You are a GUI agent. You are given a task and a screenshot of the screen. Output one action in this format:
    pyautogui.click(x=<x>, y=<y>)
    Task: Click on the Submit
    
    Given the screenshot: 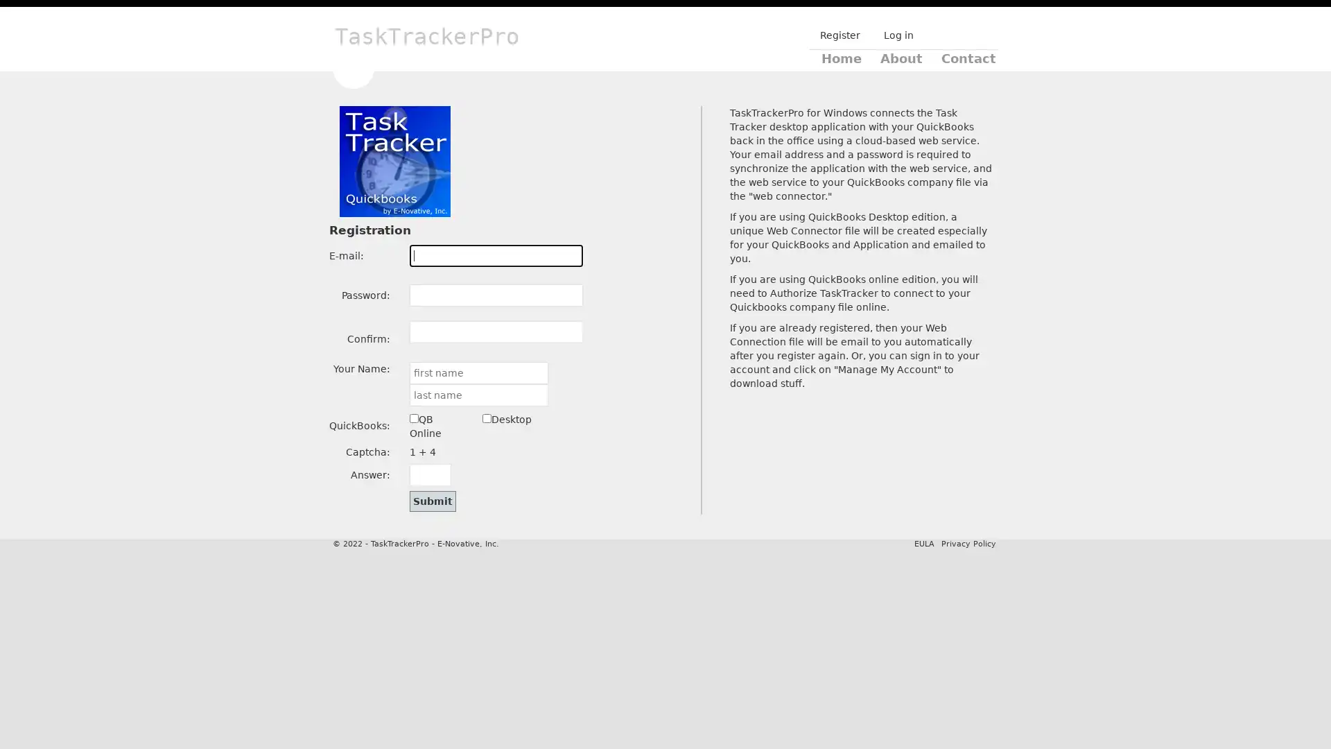 What is the action you would take?
    pyautogui.click(x=432, y=501)
    